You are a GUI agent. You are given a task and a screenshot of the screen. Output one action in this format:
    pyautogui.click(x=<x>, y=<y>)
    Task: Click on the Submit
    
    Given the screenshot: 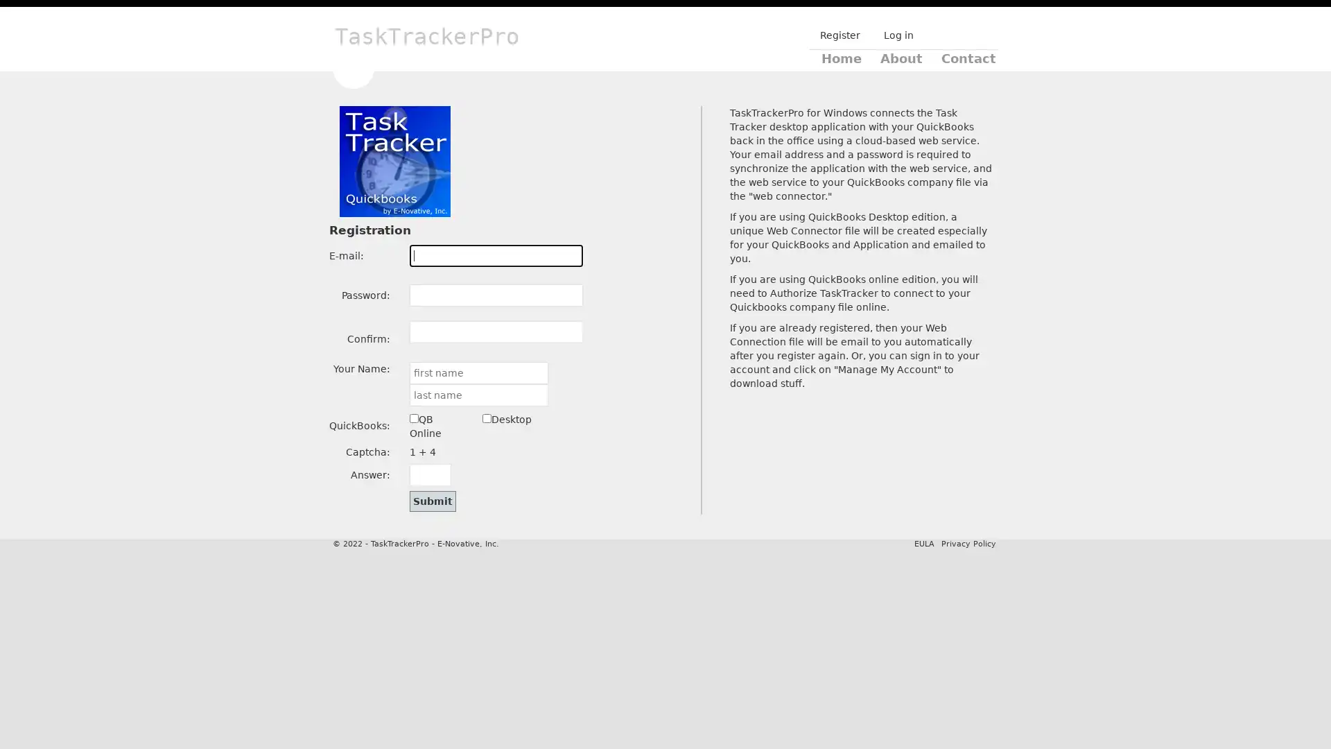 What is the action you would take?
    pyautogui.click(x=432, y=501)
    